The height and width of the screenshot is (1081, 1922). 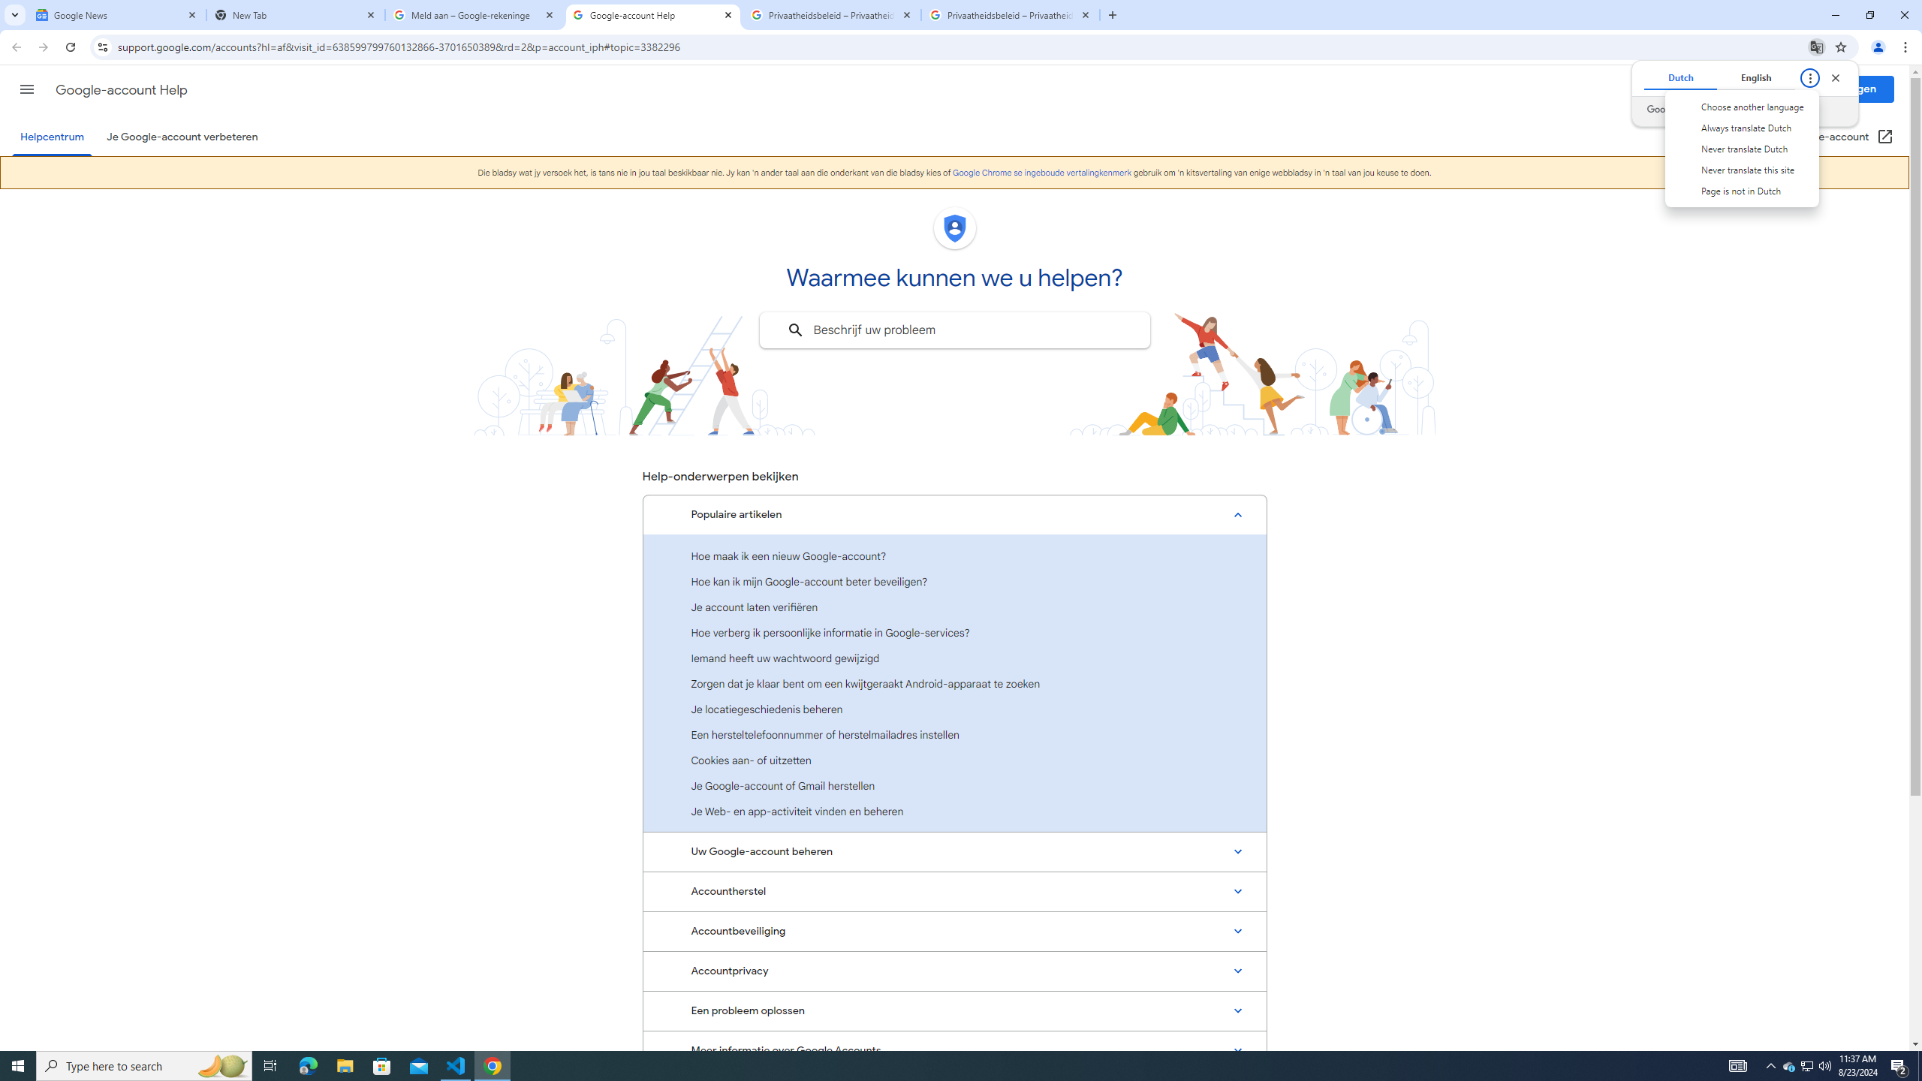 I want to click on 'Populaire artikelen, Uitgevouwen lijst met 11 items', so click(x=954, y=514).